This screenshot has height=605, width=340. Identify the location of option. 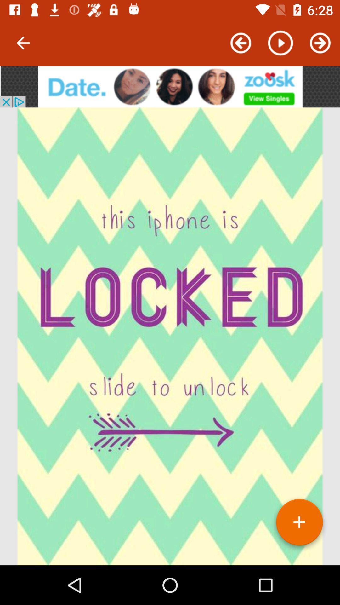
(299, 525).